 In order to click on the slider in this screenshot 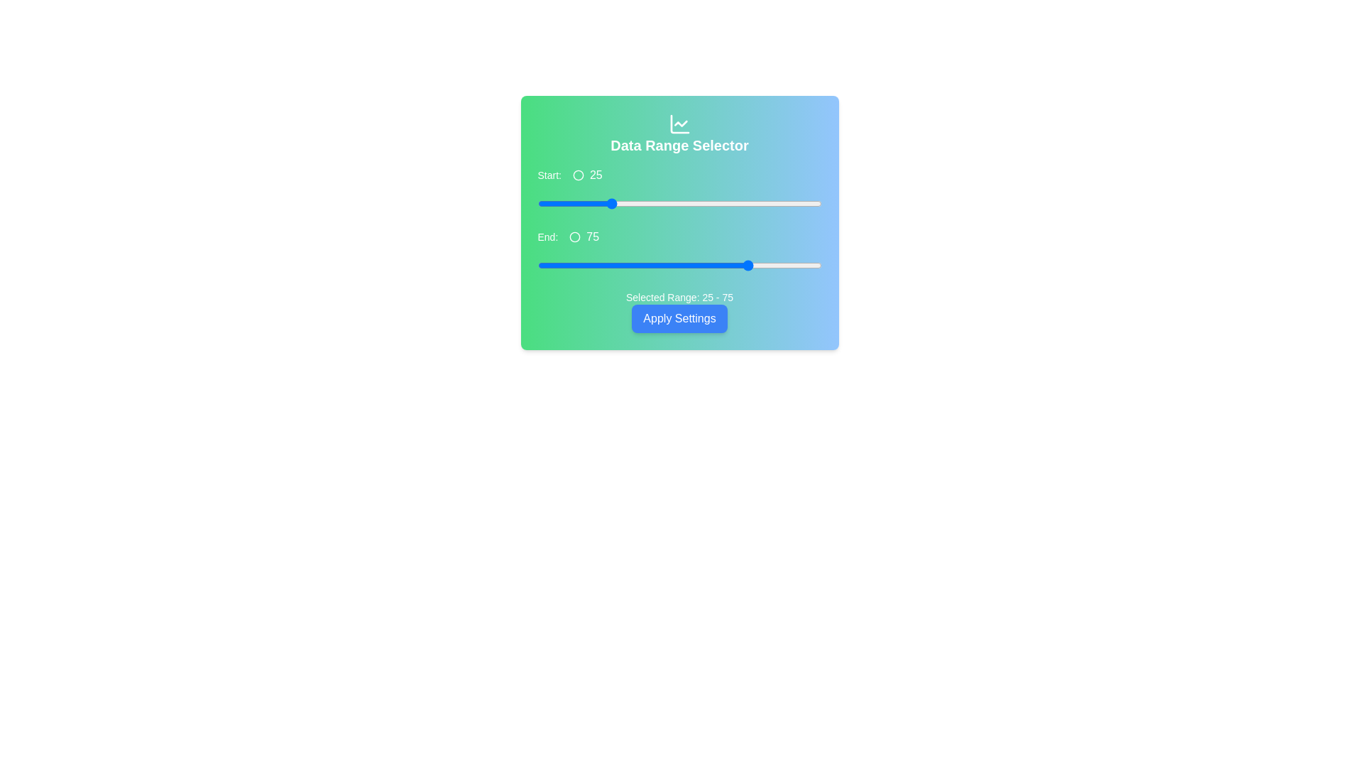, I will do `click(819, 203)`.